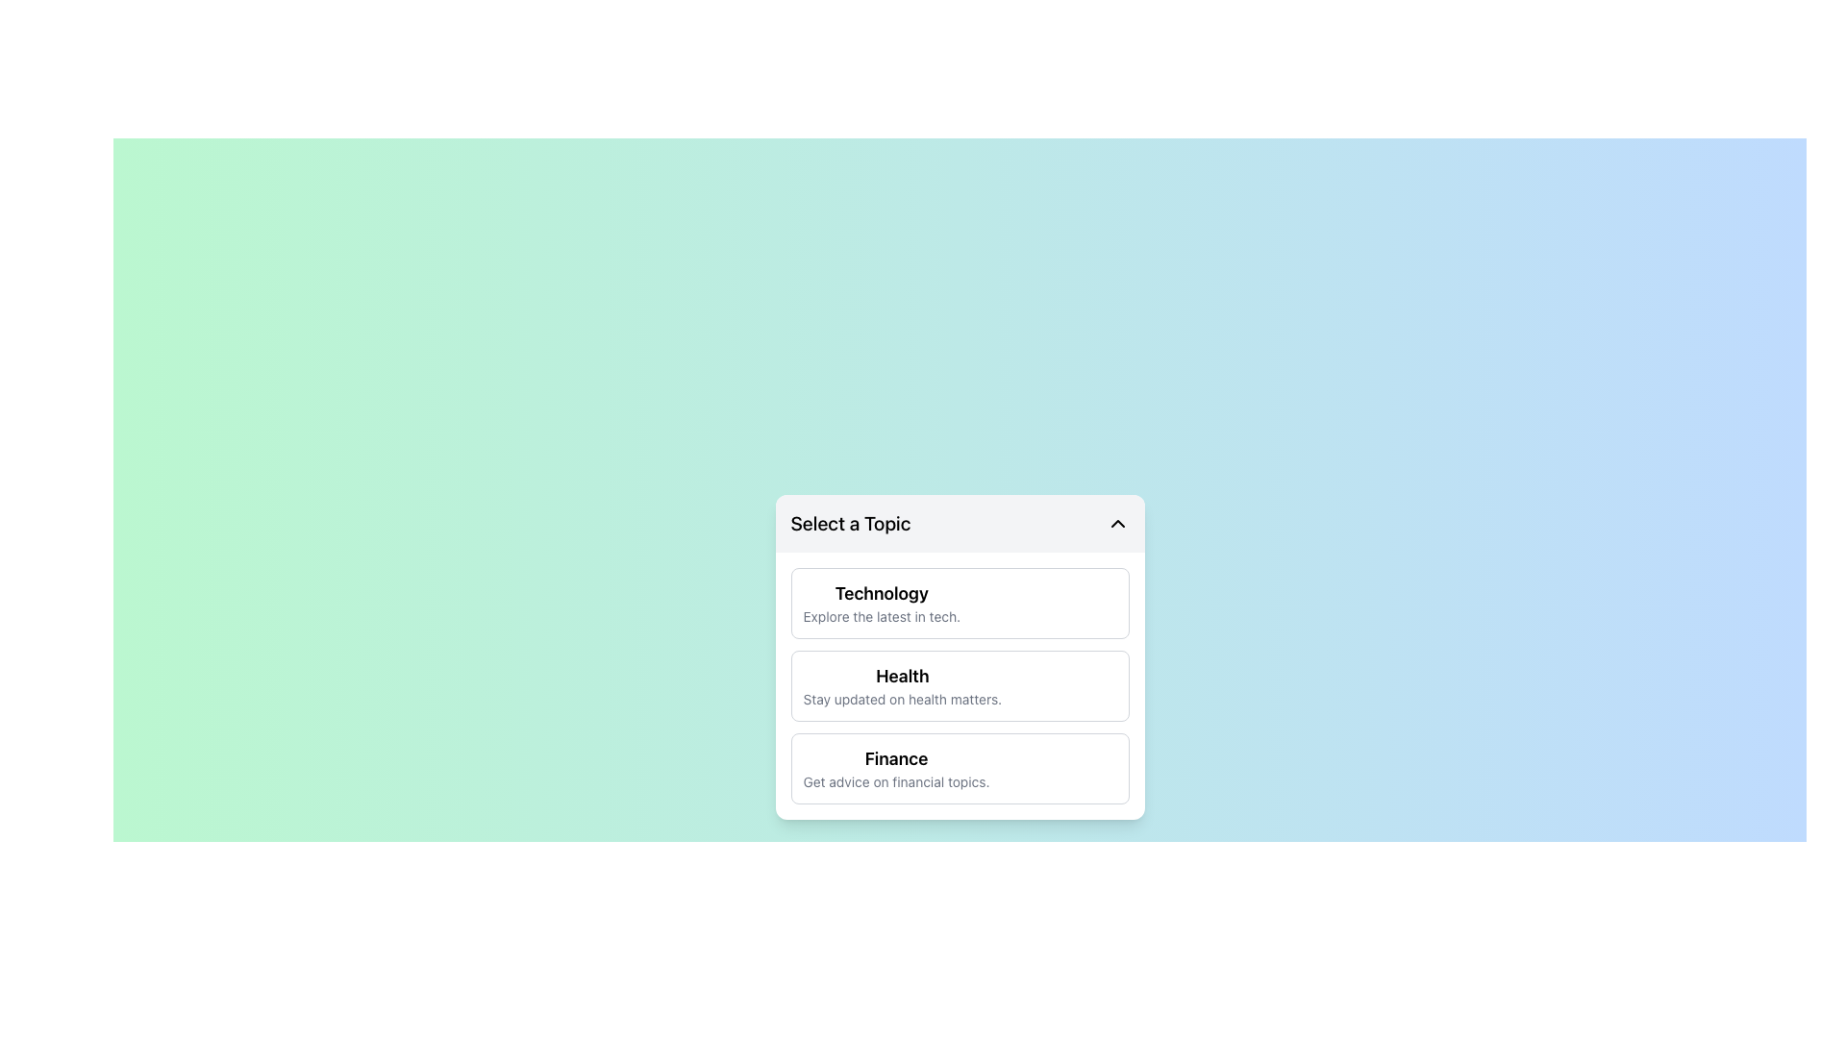 The width and height of the screenshot is (1846, 1038). I want to click on the second item in the 'Select a Topic' dropdown list, so click(960, 655).